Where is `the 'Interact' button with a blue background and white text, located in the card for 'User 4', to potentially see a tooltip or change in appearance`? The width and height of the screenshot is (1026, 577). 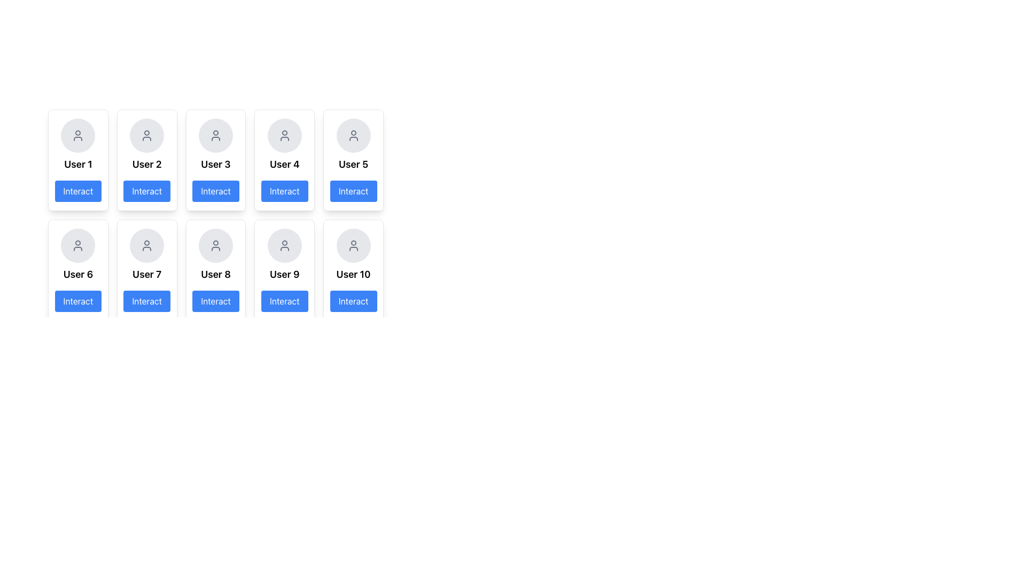
the 'Interact' button with a blue background and white text, located in the card for 'User 4', to potentially see a tooltip or change in appearance is located at coordinates (284, 191).